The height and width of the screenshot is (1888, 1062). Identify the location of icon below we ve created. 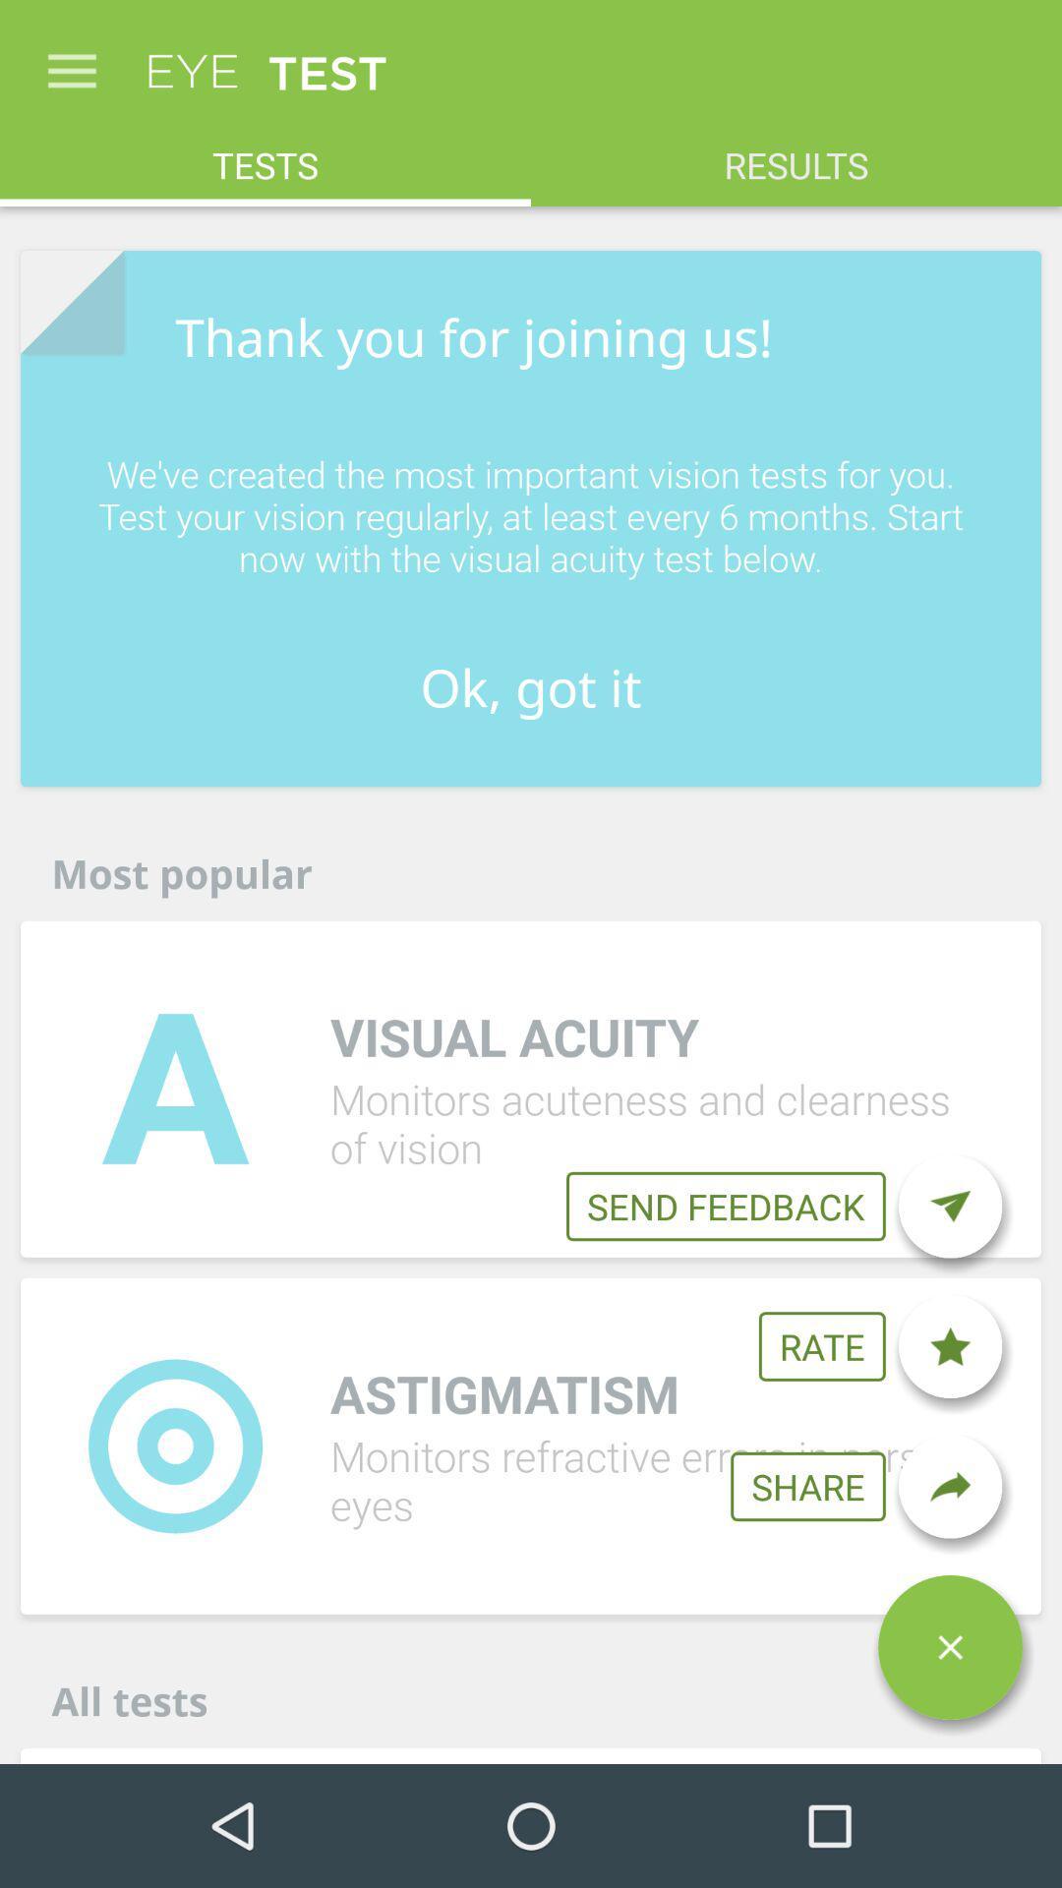
(531, 687).